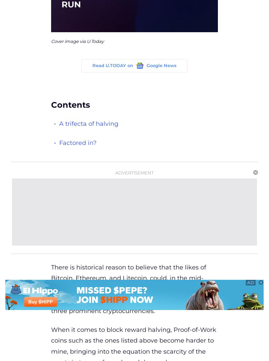 This screenshot has width=269, height=361. I want to click on 'Cover image via', so click(69, 41).